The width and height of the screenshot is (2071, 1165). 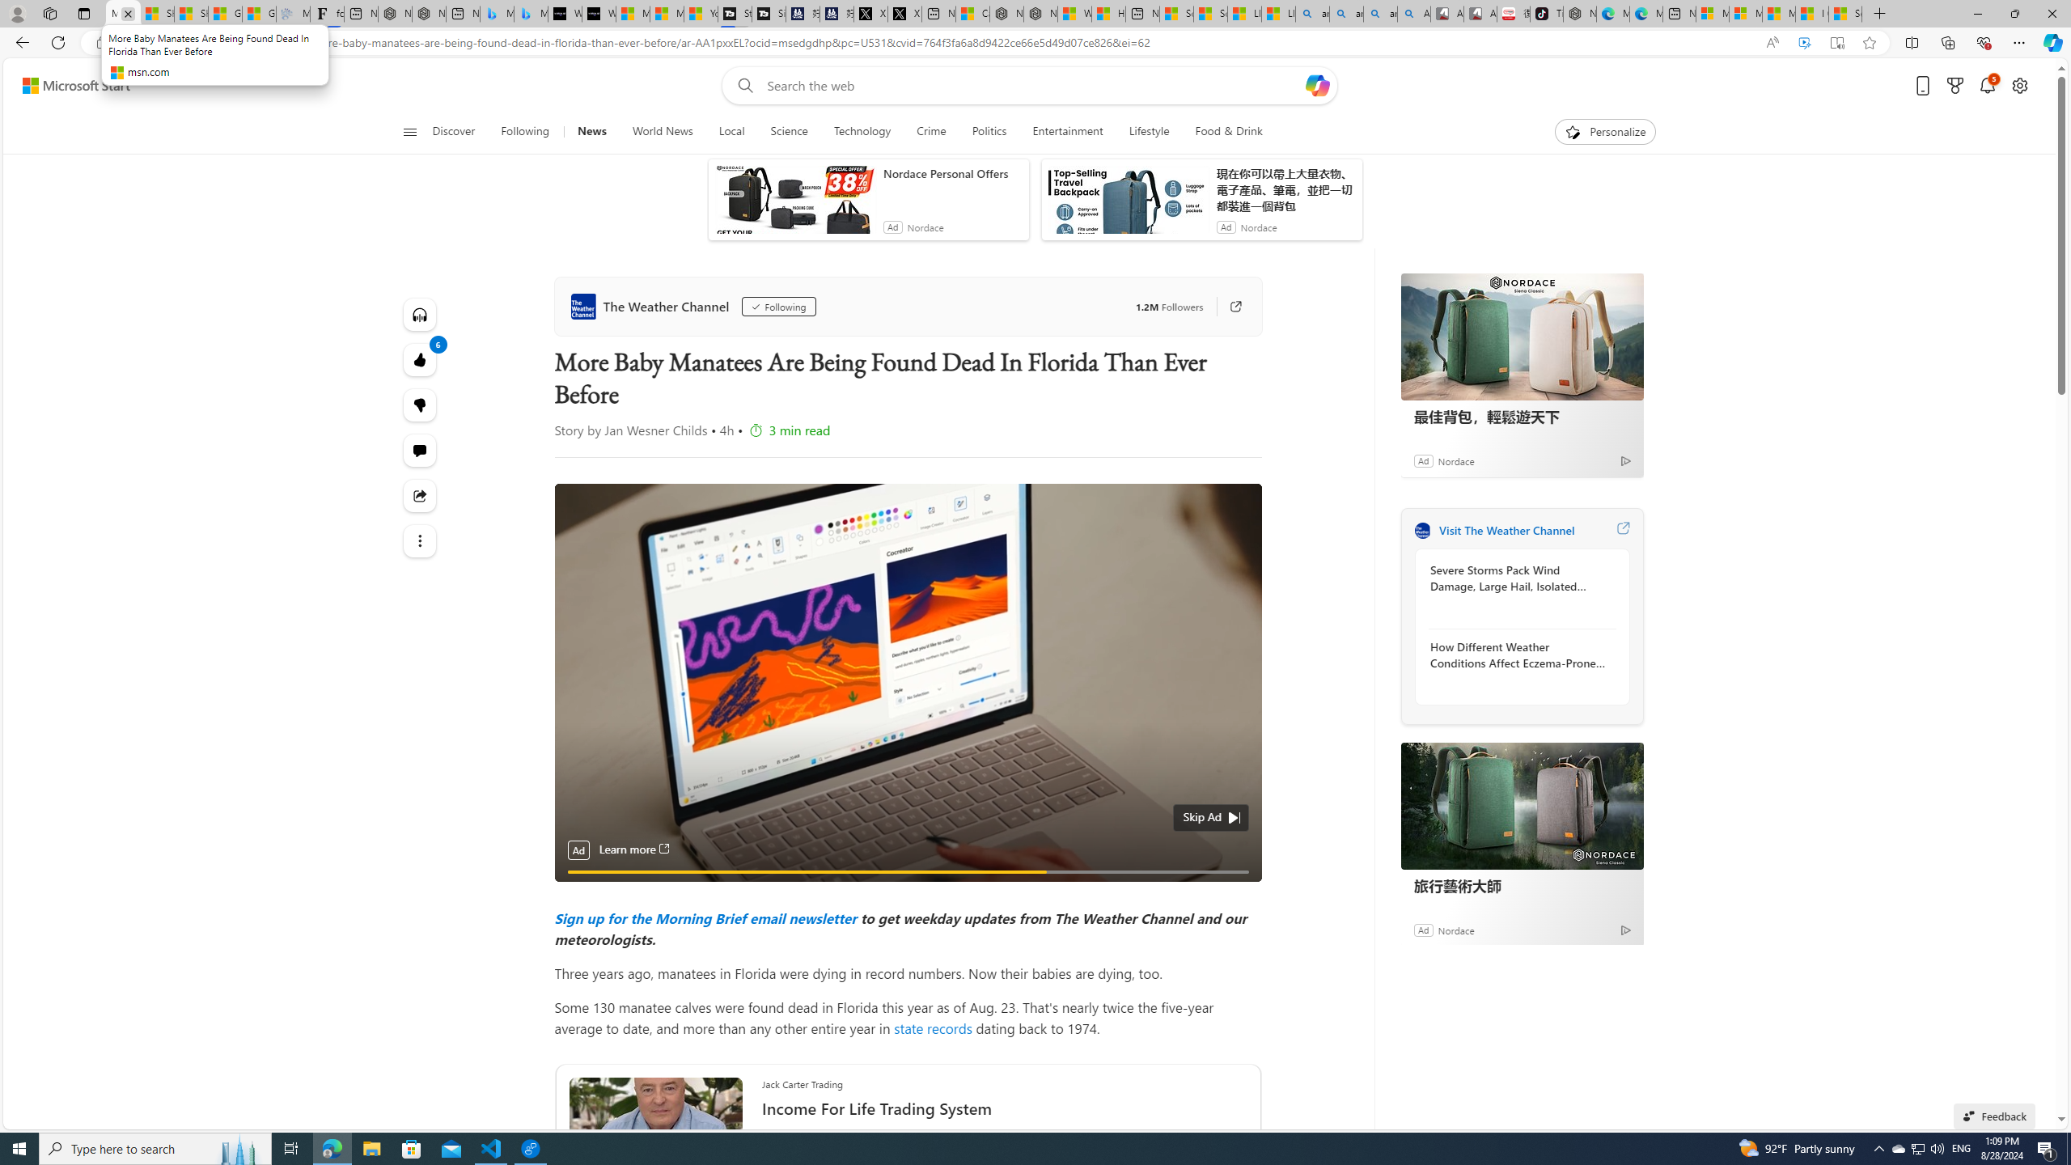 I want to click on 'Read aloud this page (Ctrl+Shift+U)', so click(x=1772, y=43).